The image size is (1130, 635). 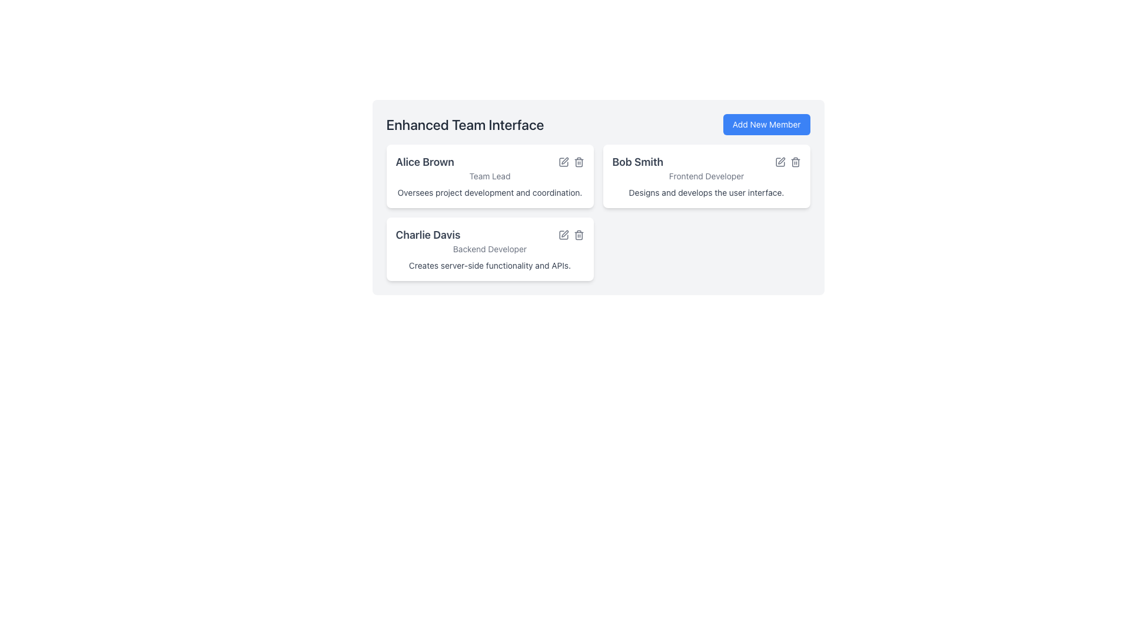 I want to click on the text label displaying 'Team Lead' which is located below 'Alice Brown' in a card layout, so click(x=490, y=176).